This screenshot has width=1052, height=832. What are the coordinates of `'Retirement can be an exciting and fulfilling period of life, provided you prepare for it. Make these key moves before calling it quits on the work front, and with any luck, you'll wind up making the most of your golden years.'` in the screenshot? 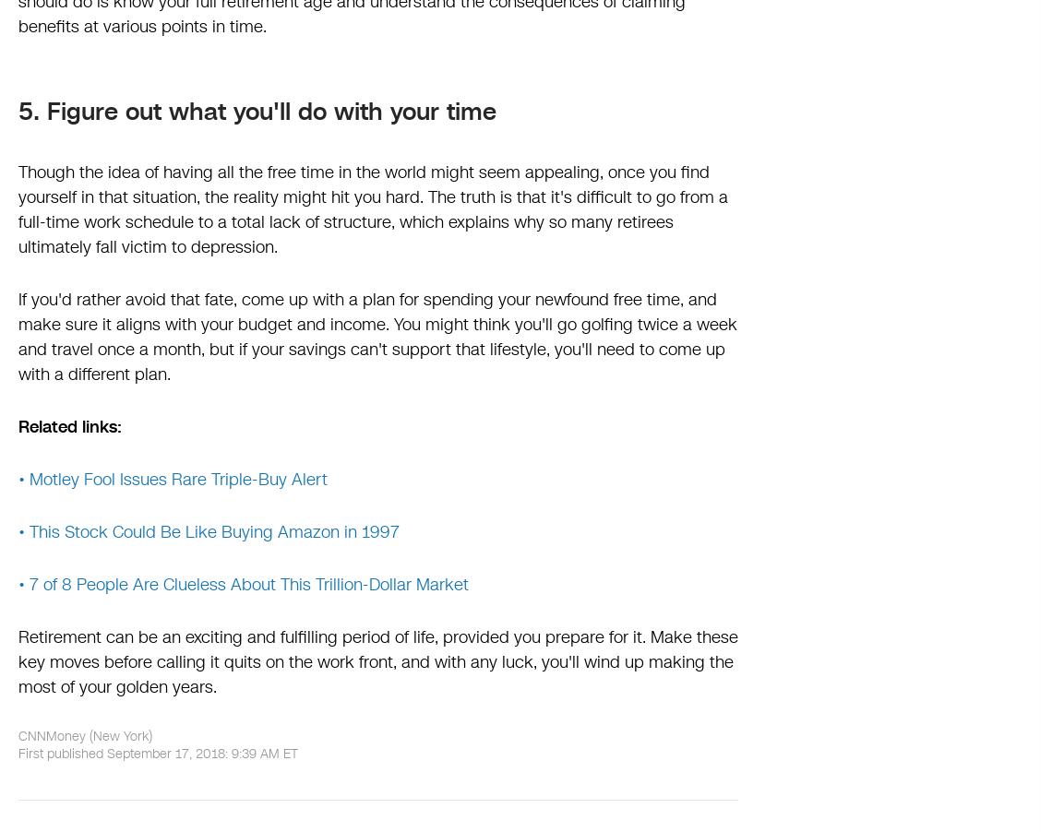 It's located at (18, 661).